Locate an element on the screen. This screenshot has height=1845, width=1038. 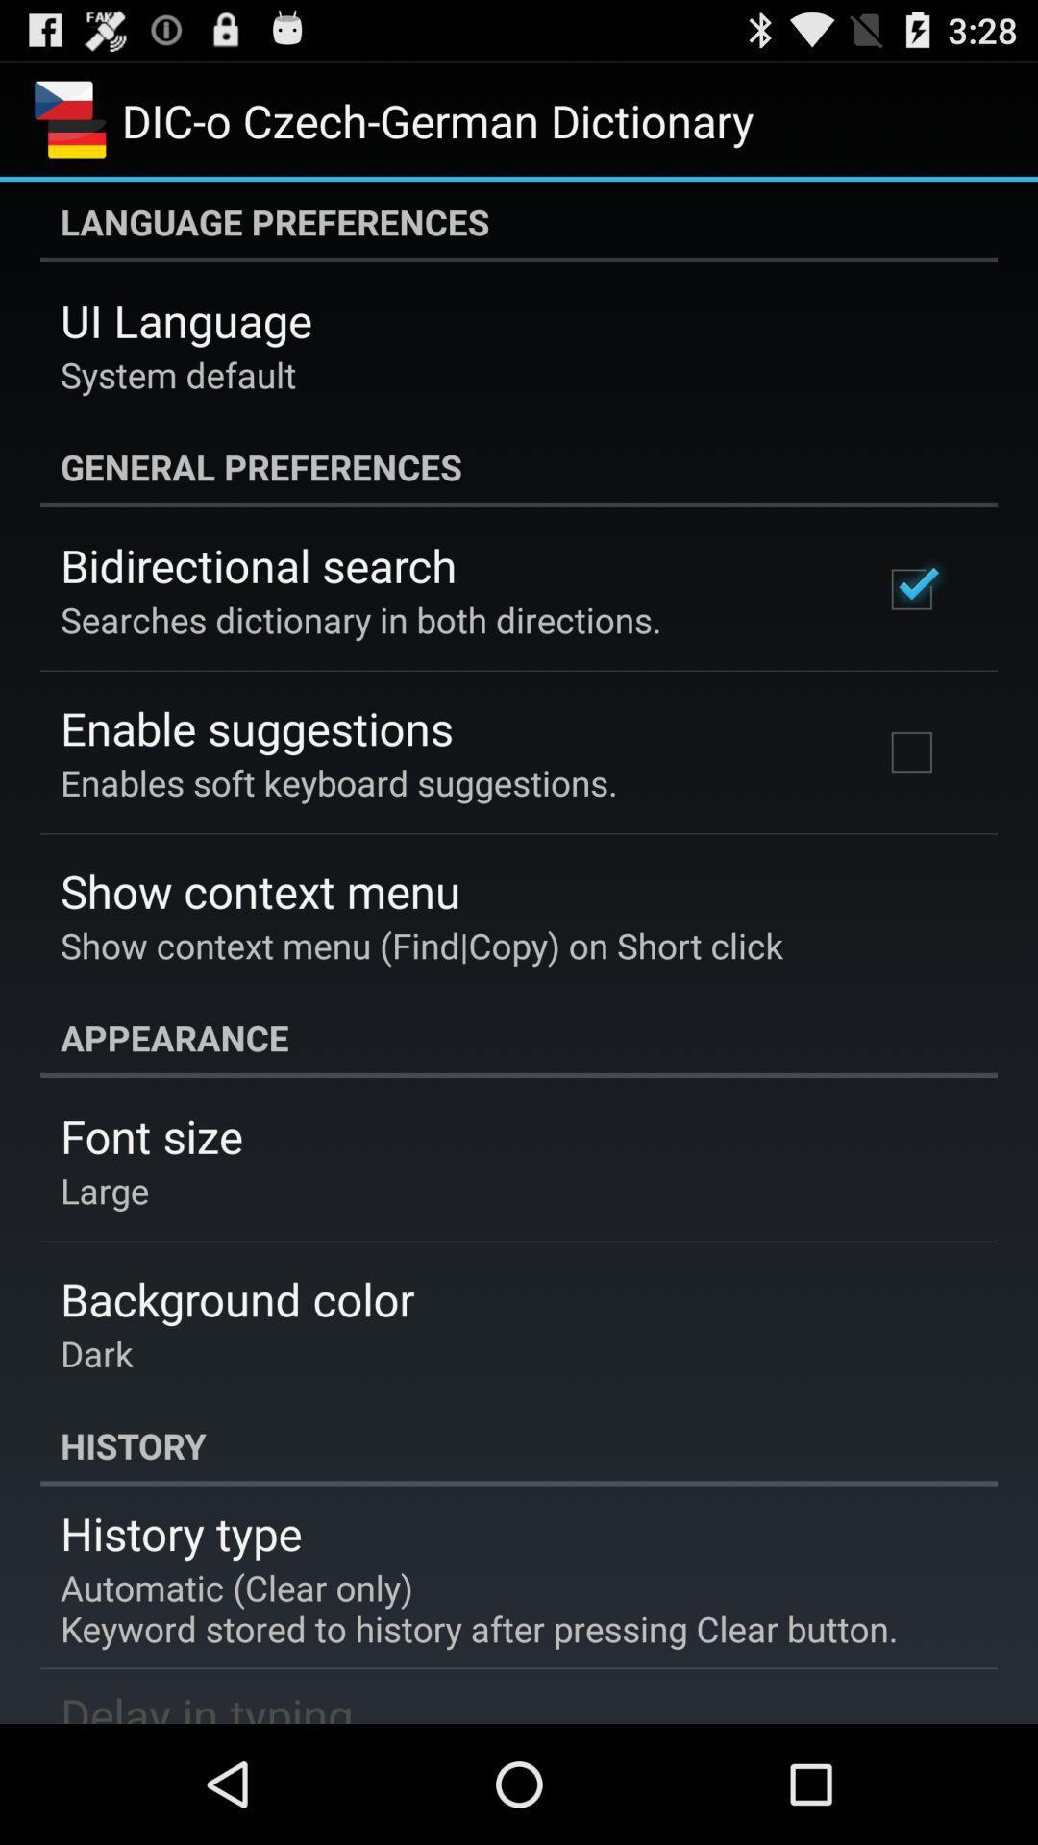
app above dark app is located at coordinates (236, 1298).